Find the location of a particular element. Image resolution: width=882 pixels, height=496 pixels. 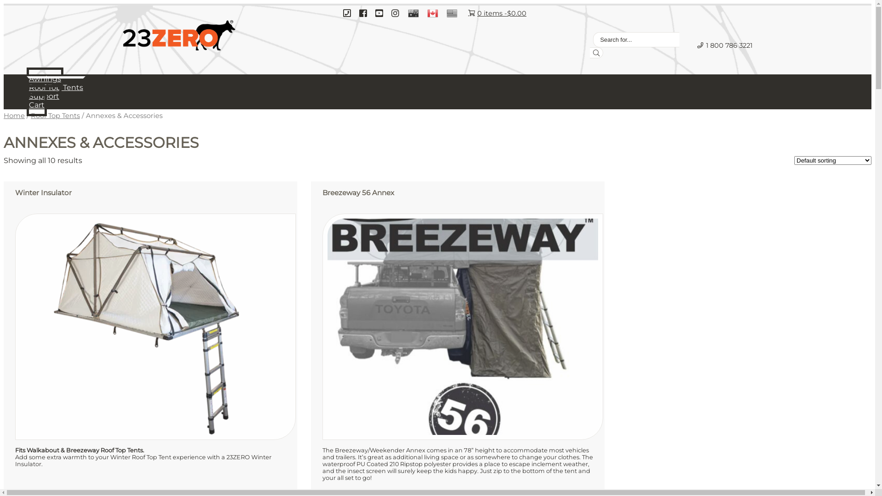

'Cart' is located at coordinates (26, 104).